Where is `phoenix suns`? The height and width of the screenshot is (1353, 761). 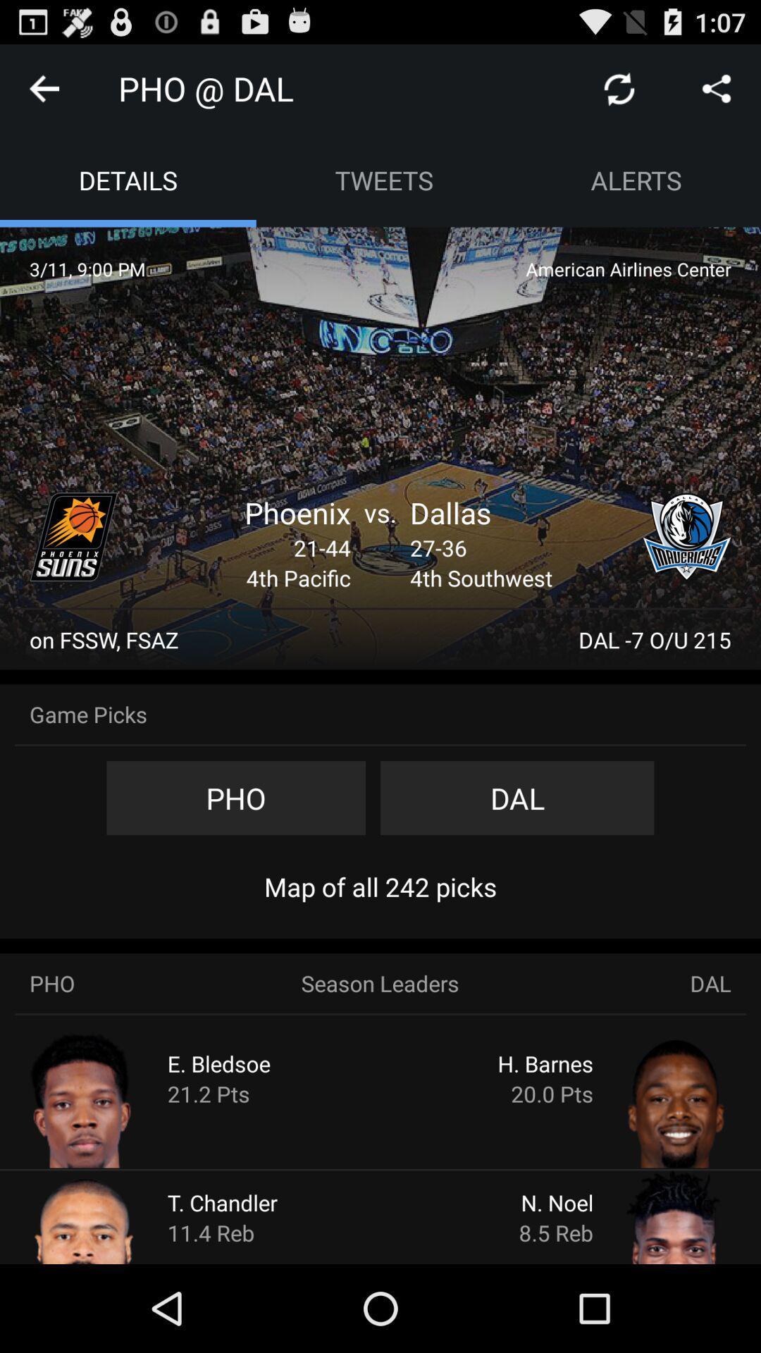 phoenix suns is located at coordinates (73, 536).